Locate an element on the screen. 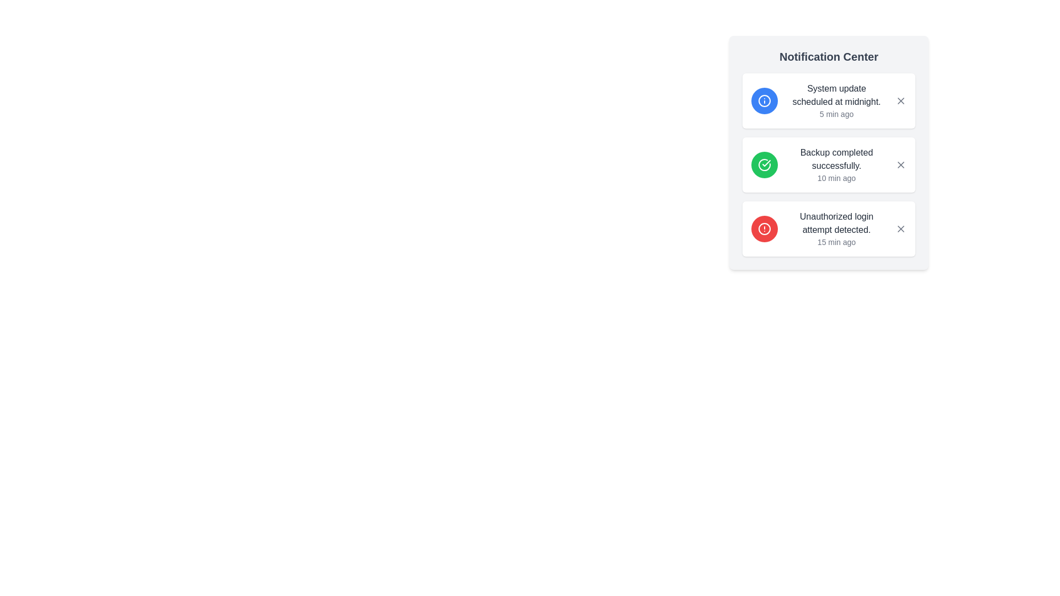 The image size is (1060, 596). the information-type icon located at the top-left corner of the first notification card is located at coordinates (764, 100).